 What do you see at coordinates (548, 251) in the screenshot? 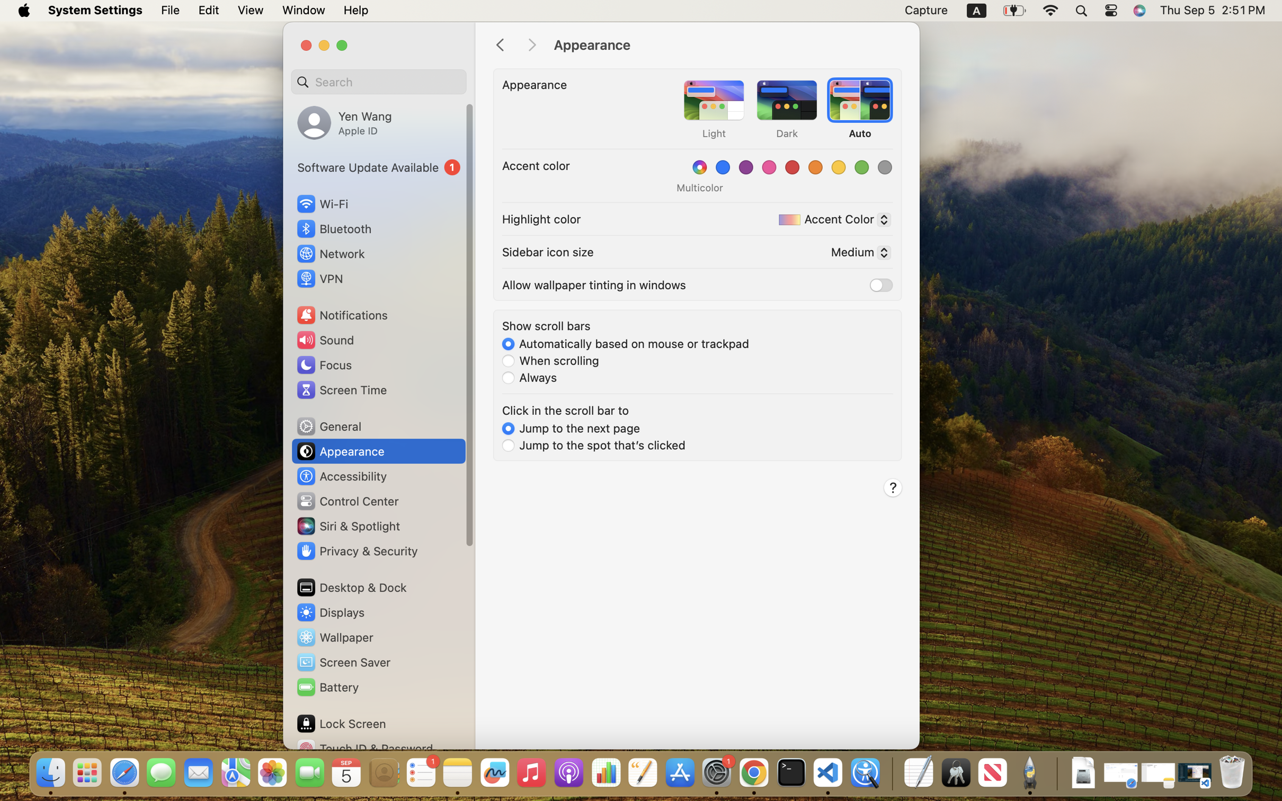
I see `'Sidebar icon size'` at bounding box center [548, 251].